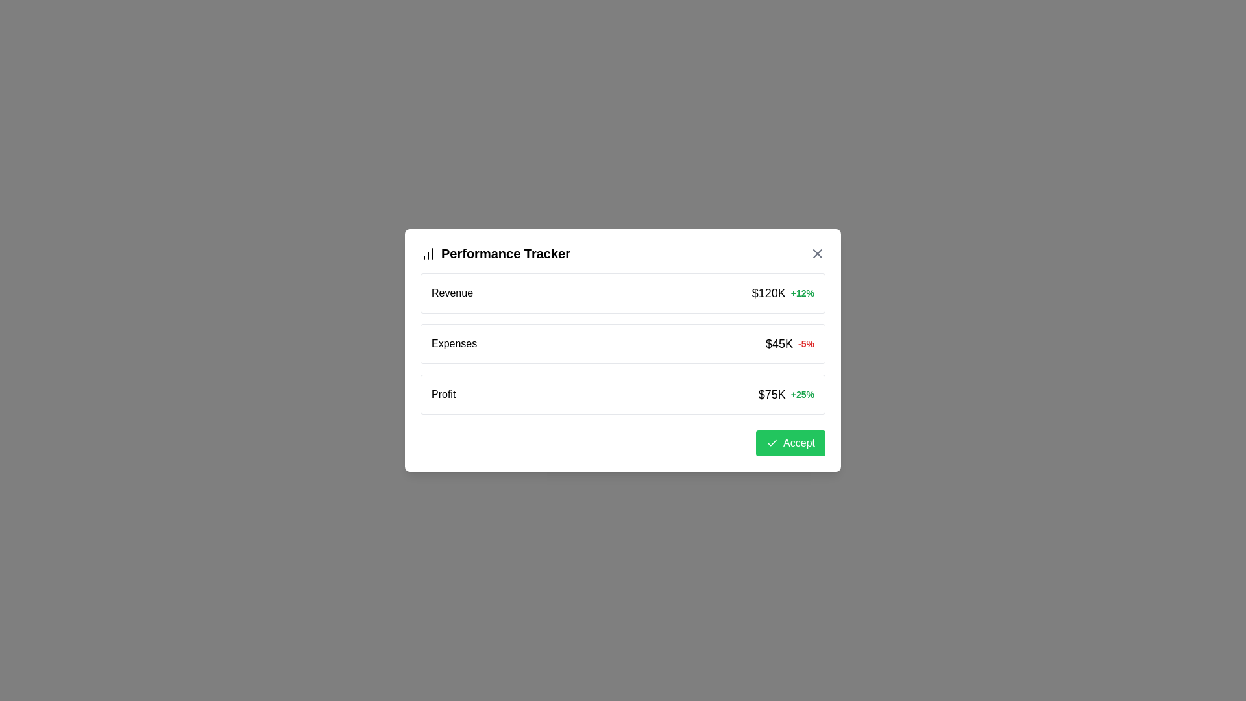 The width and height of the screenshot is (1246, 701). I want to click on the element Accept Button to observe visual feedback, so click(790, 442).